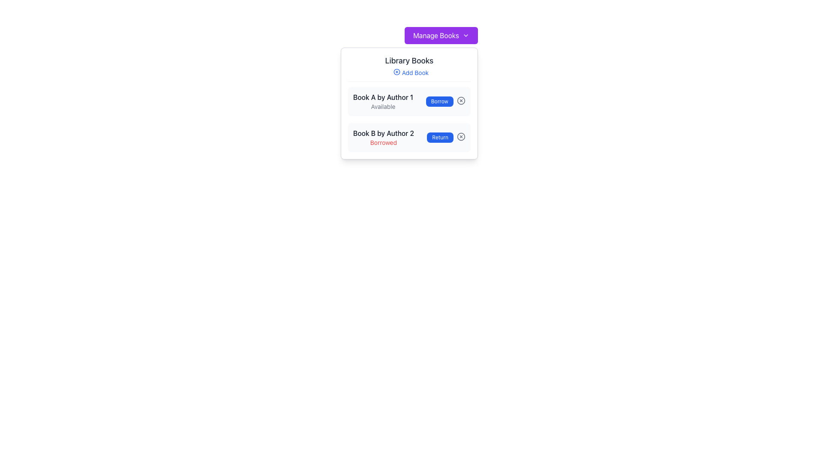 The width and height of the screenshot is (823, 463). What do you see at coordinates (439, 101) in the screenshot?
I see `the 'Borrow' button, which is a small rectangular button with rounded corners located to the right of the 'Book A by Author 1' item in the 'Library Books' section, to initiate borrowing the book` at bounding box center [439, 101].